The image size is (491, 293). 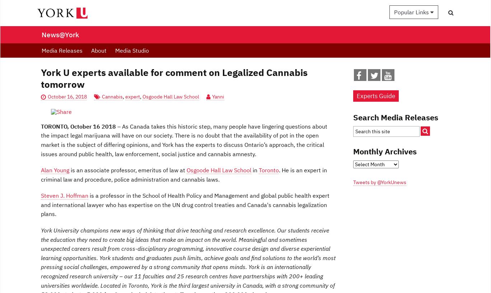 I want to click on 'Alan Young', so click(x=55, y=170).